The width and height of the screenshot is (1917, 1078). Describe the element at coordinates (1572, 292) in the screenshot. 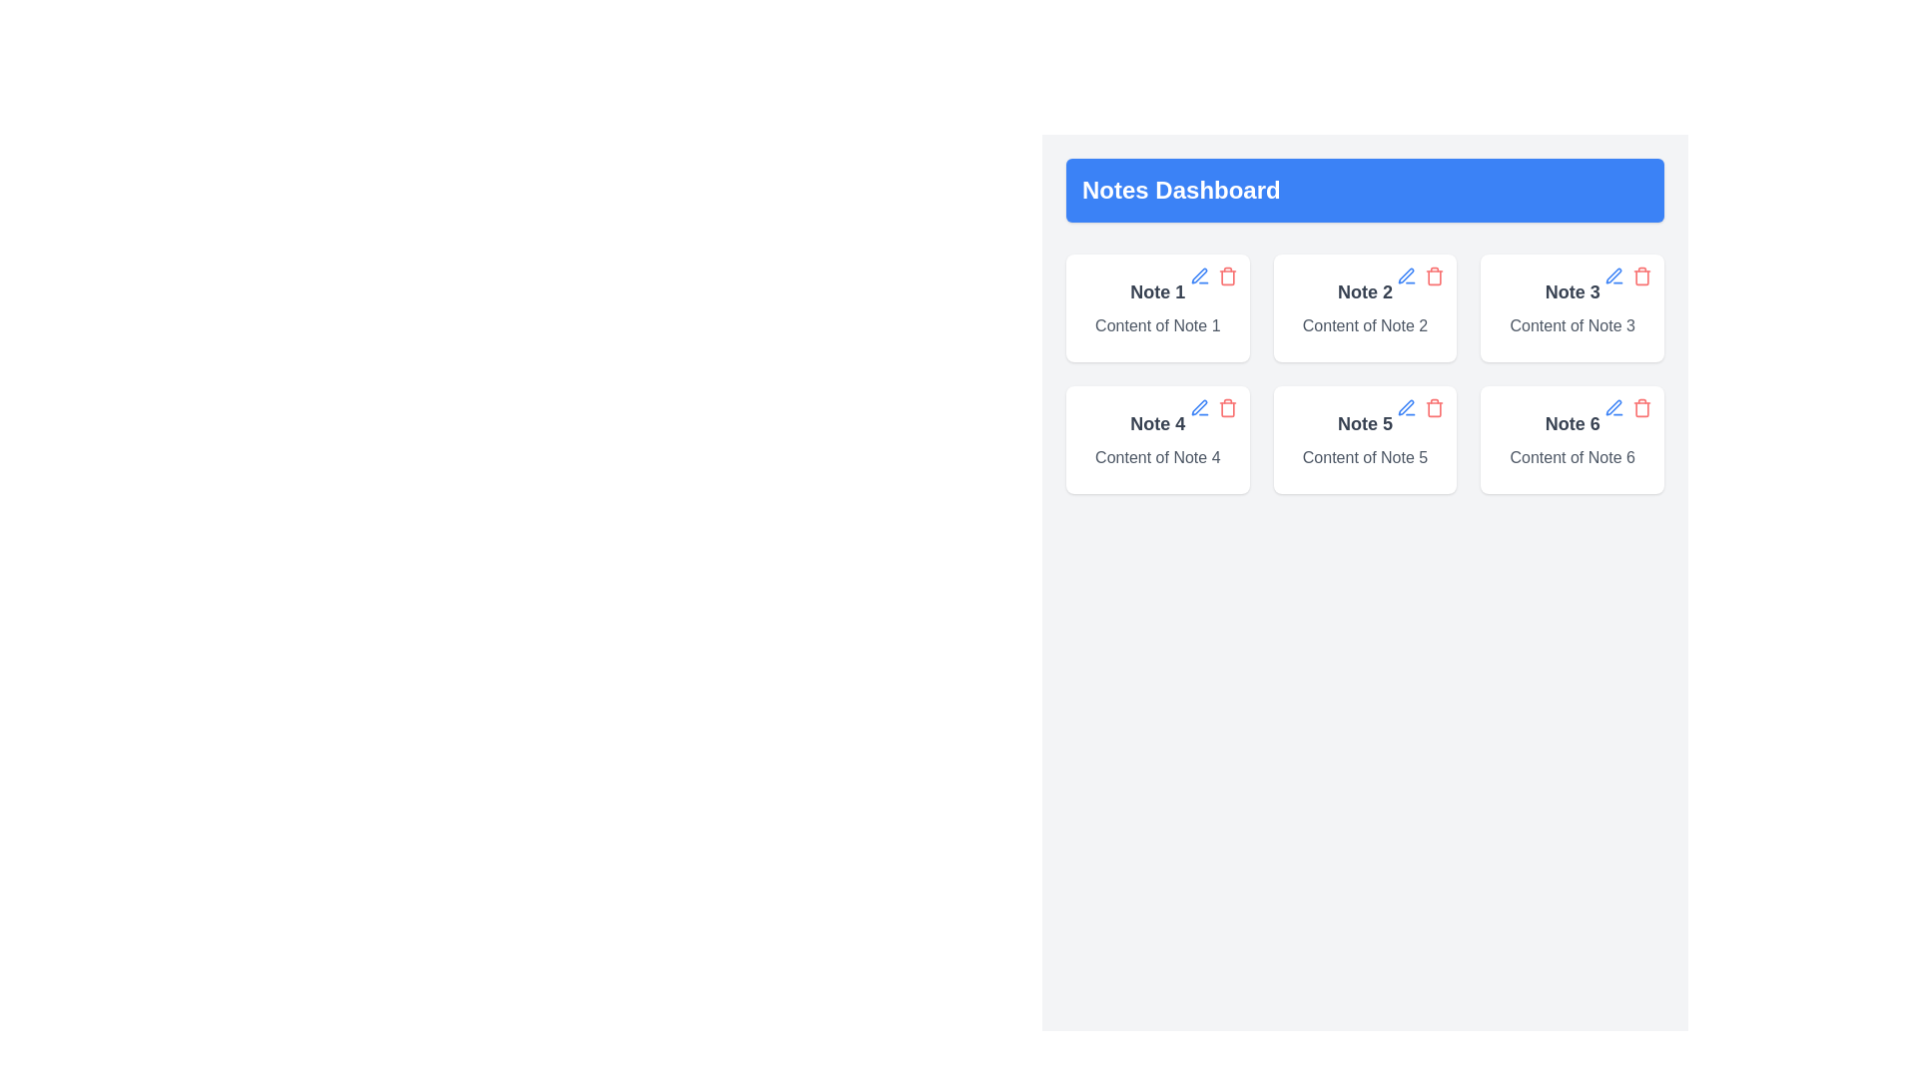

I see `the Text Label displaying the title or header of the note on the third card in the 'Notes Dashboard', located above 'Content of Note 3'` at that location.